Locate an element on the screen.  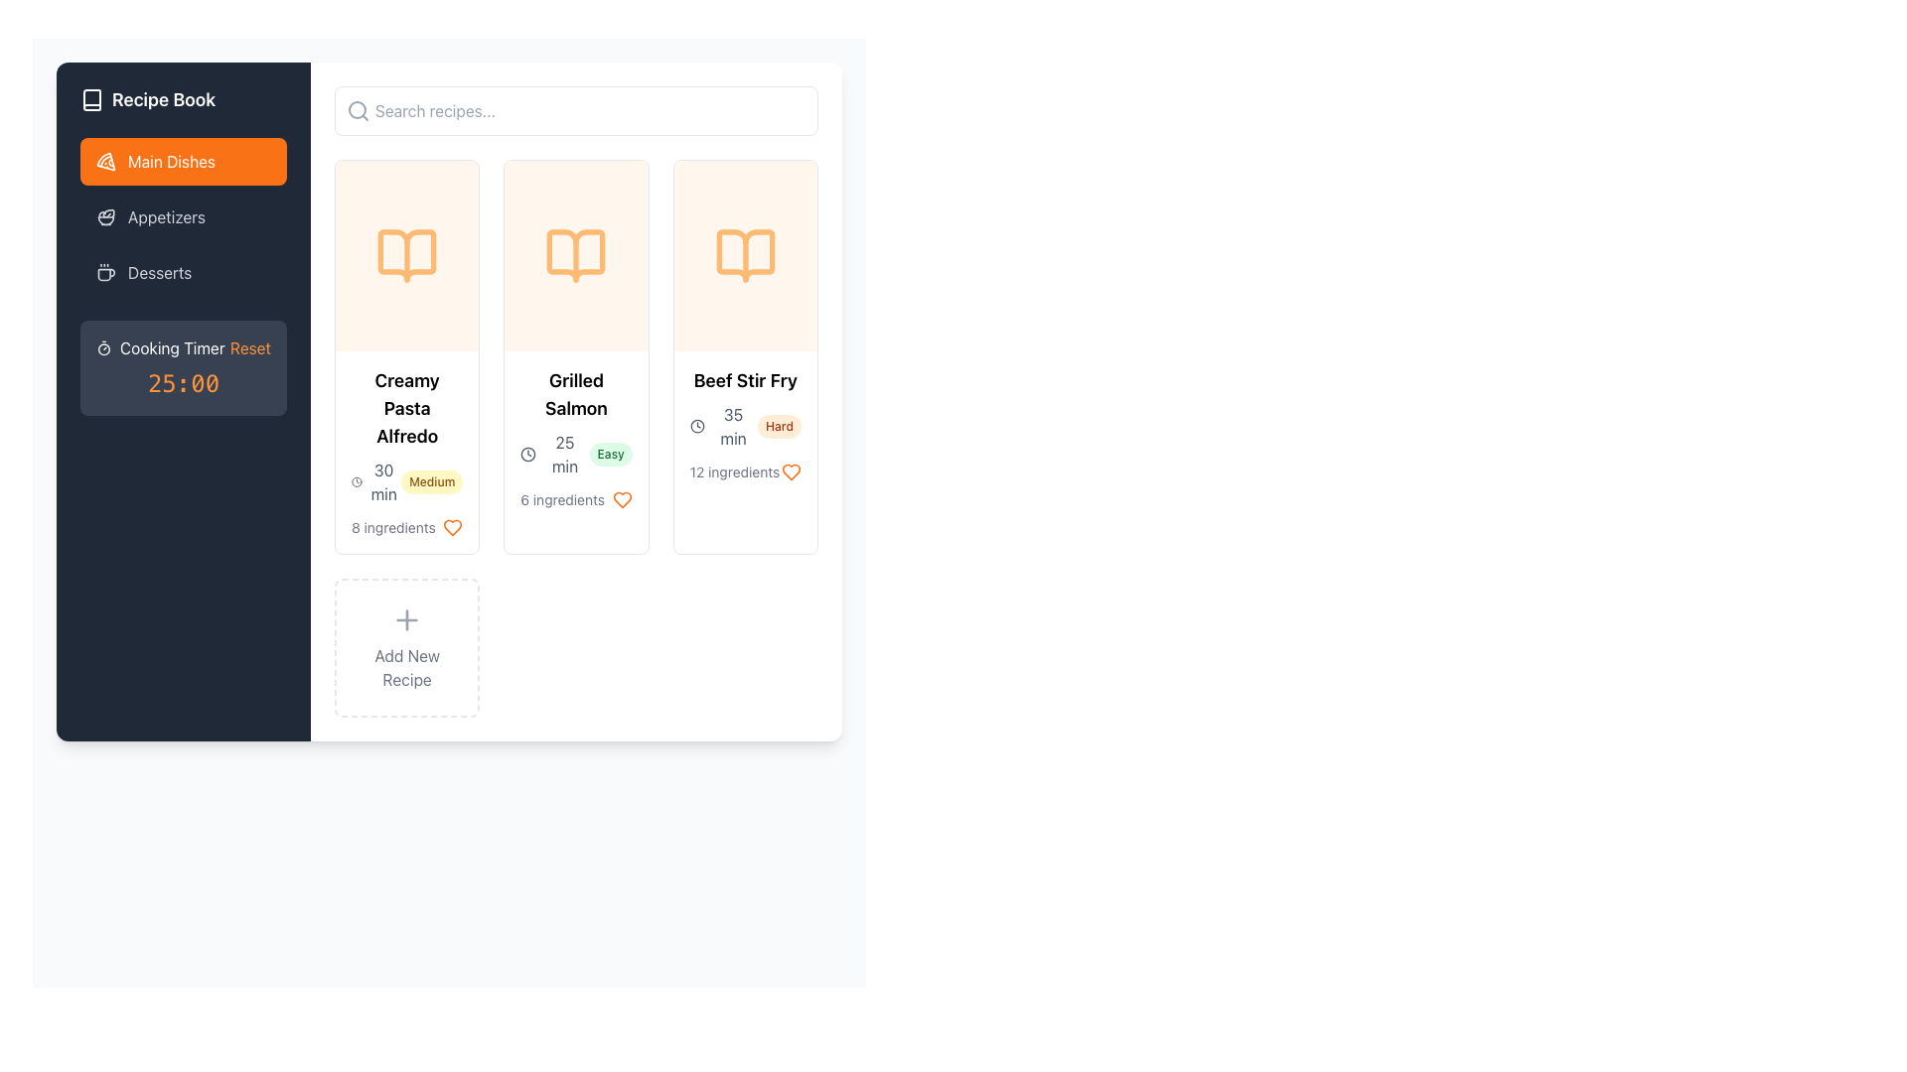
the heart-shaped icon button with an orange outline, which is located to the right of the '8 ingredients' text block is located at coordinates (452, 527).